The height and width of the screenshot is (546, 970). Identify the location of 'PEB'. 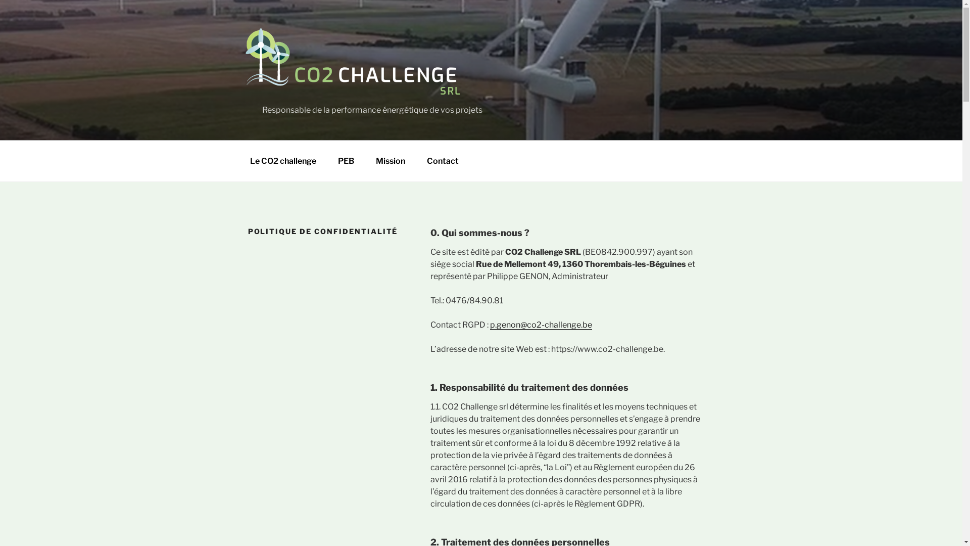
(346, 161).